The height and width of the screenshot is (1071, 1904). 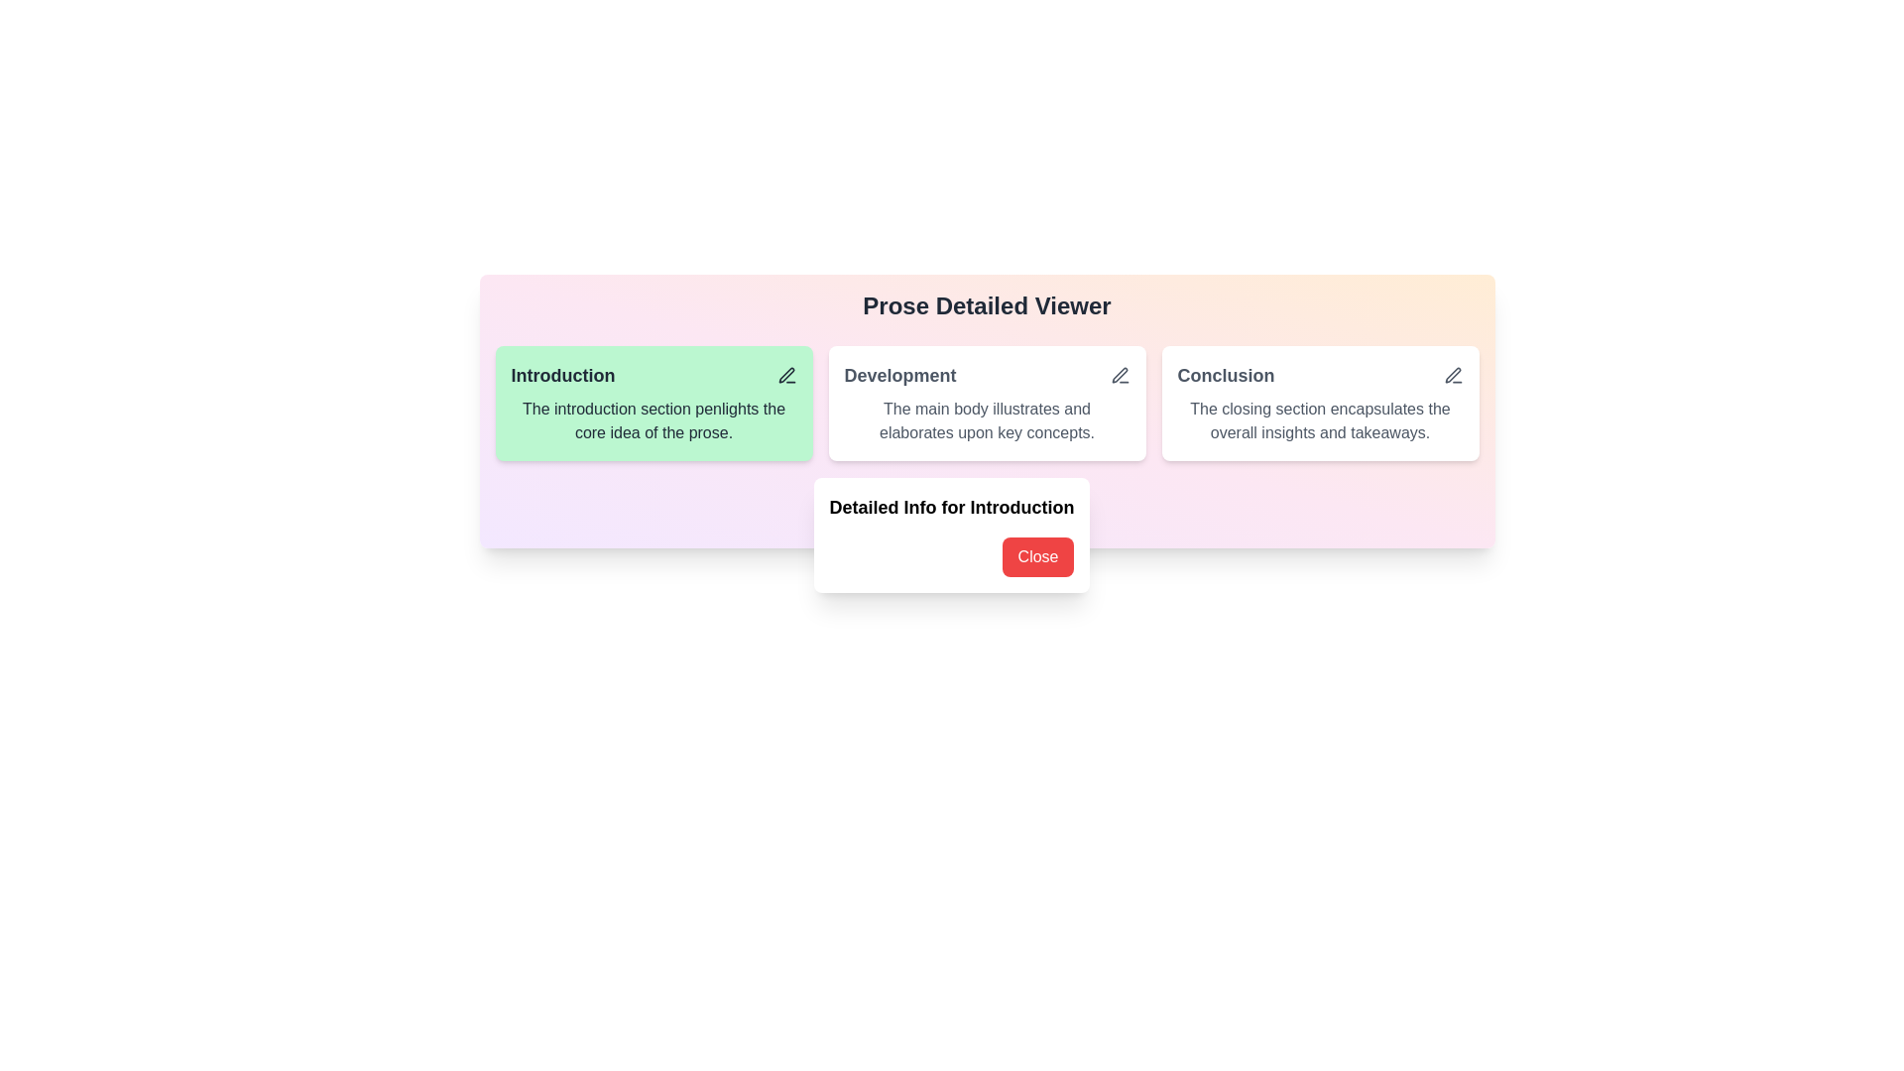 What do you see at coordinates (952, 557) in the screenshot?
I see `the prominent red 'Close' button with rounded corners` at bounding box center [952, 557].